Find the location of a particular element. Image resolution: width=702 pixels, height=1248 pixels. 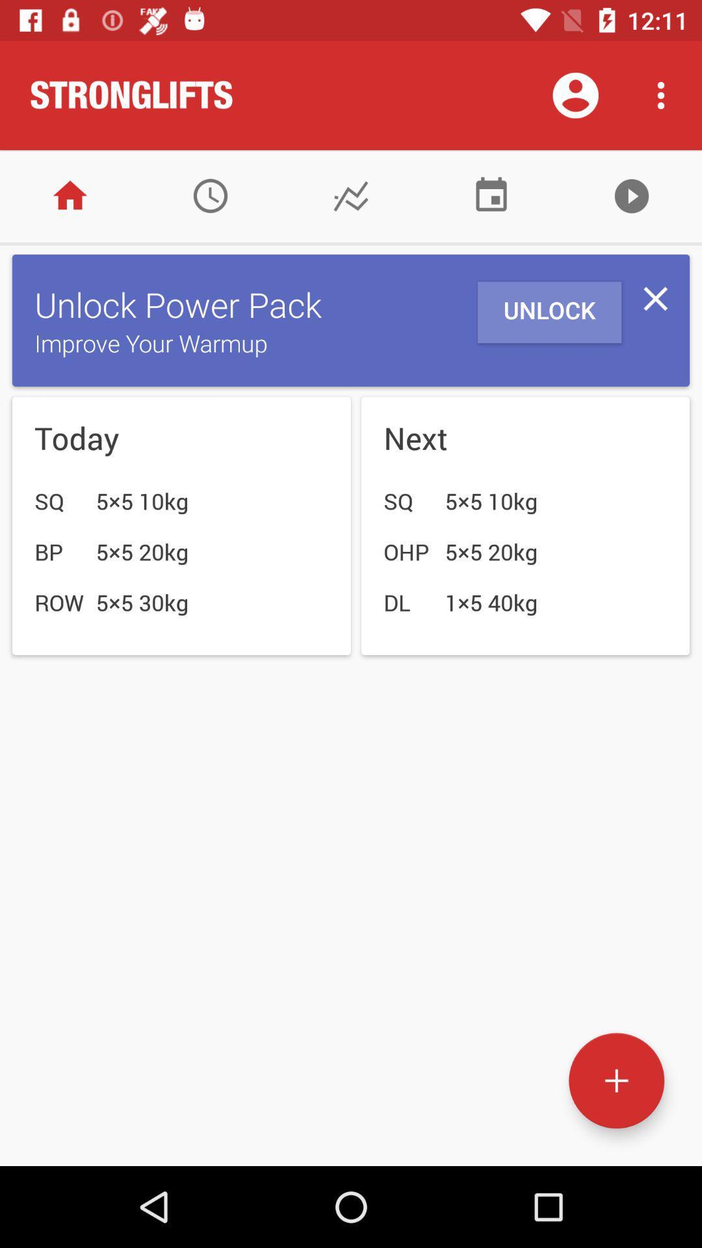

battery setting is located at coordinates (491, 195).